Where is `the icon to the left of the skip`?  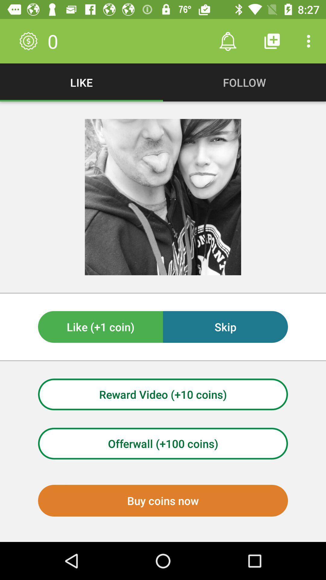 the icon to the left of the skip is located at coordinates (100, 327).